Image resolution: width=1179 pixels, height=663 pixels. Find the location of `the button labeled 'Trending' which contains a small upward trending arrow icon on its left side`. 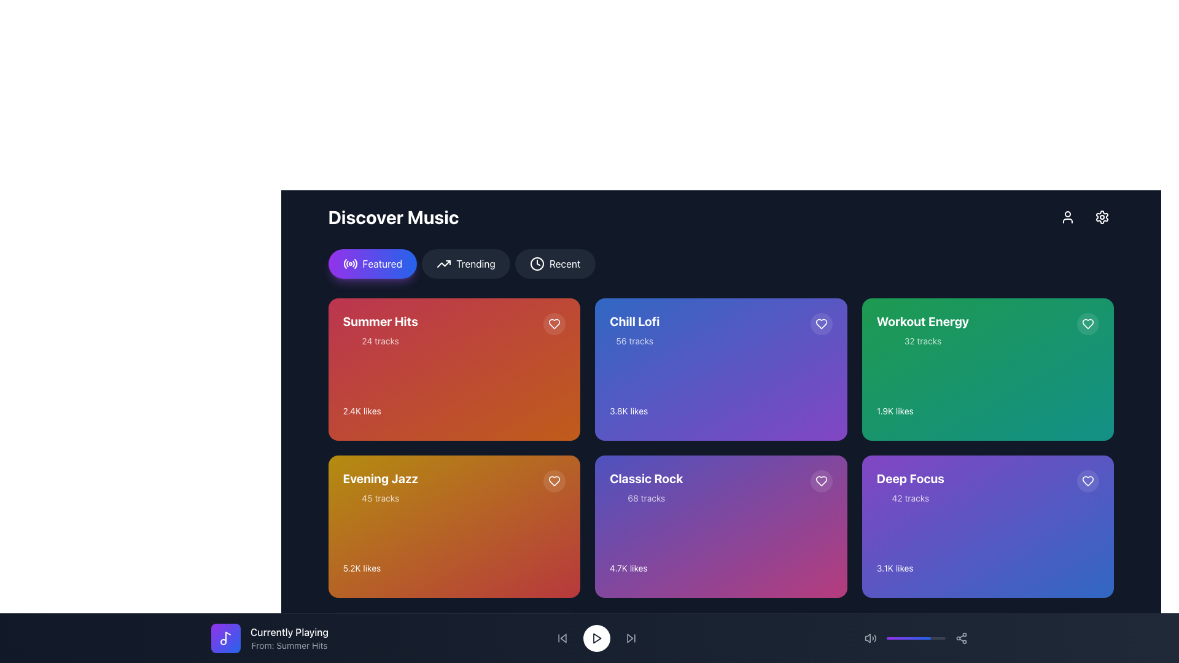

the button labeled 'Trending' which contains a small upward trending arrow icon on its left side is located at coordinates (443, 263).